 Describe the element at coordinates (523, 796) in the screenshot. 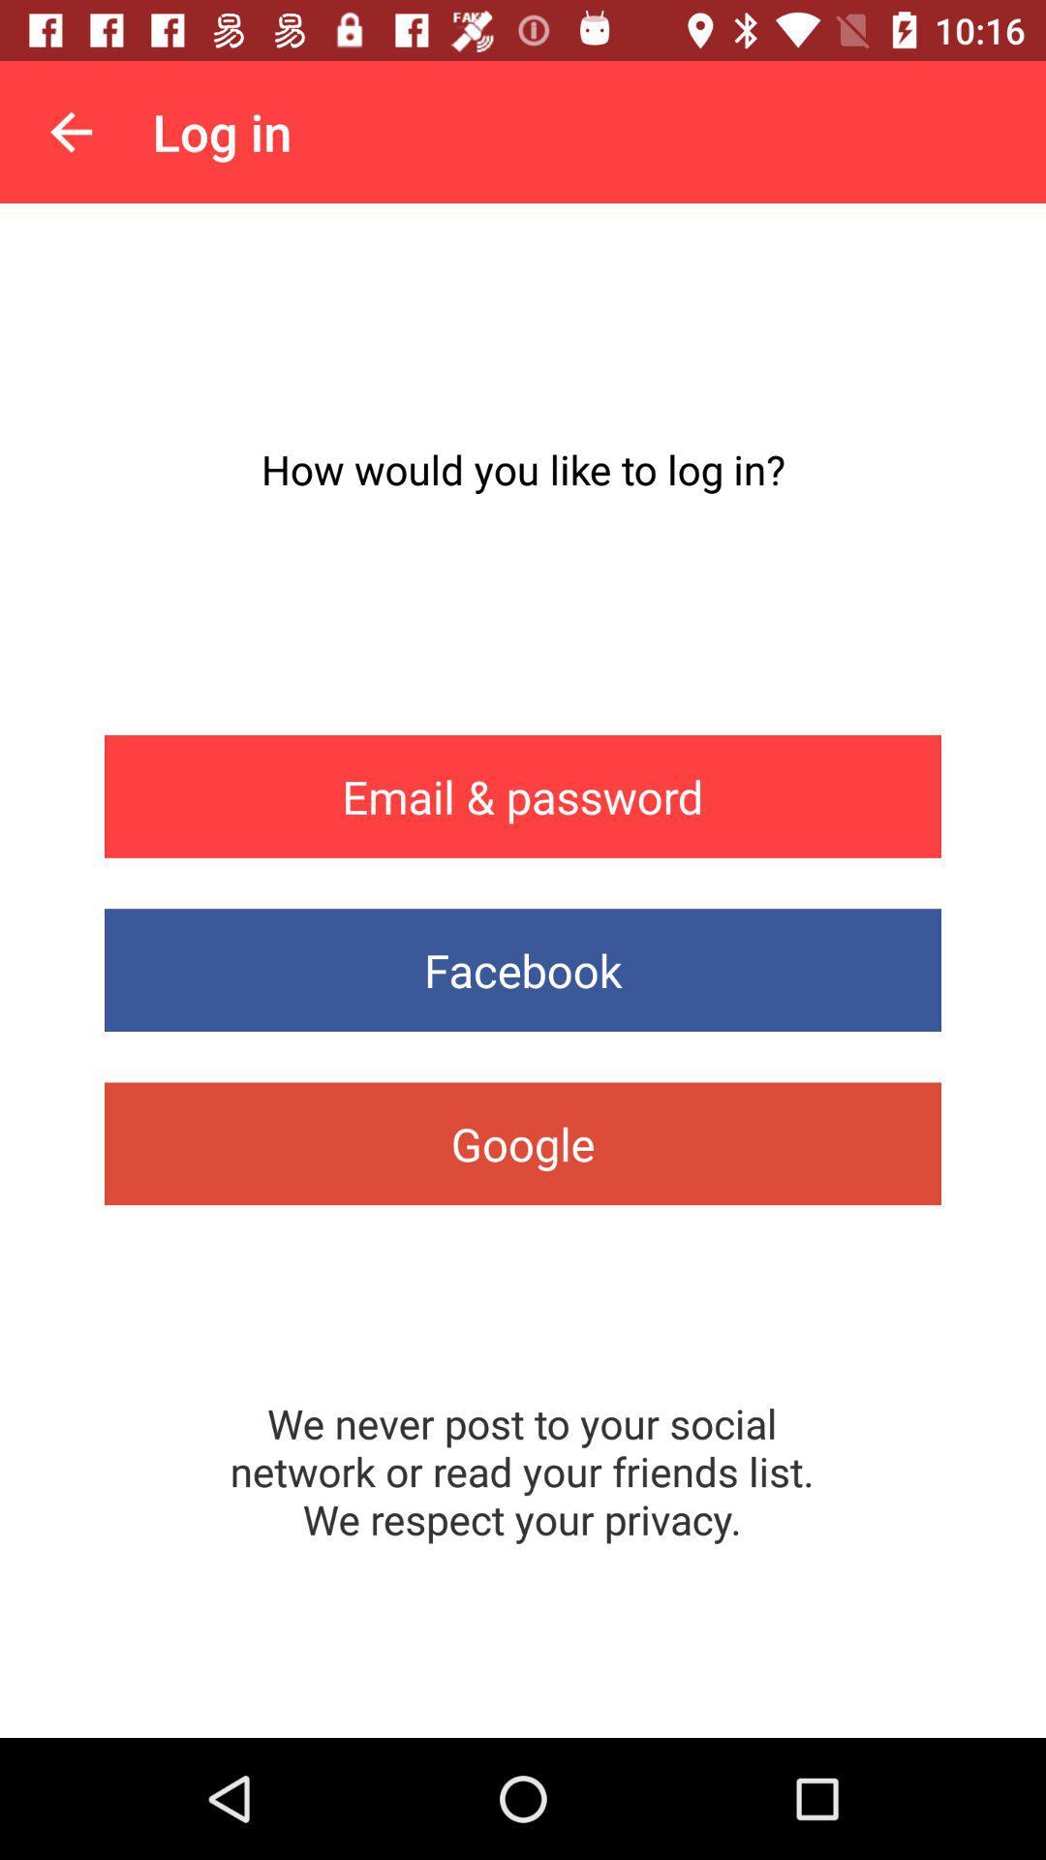

I see `icon above facebook` at that location.